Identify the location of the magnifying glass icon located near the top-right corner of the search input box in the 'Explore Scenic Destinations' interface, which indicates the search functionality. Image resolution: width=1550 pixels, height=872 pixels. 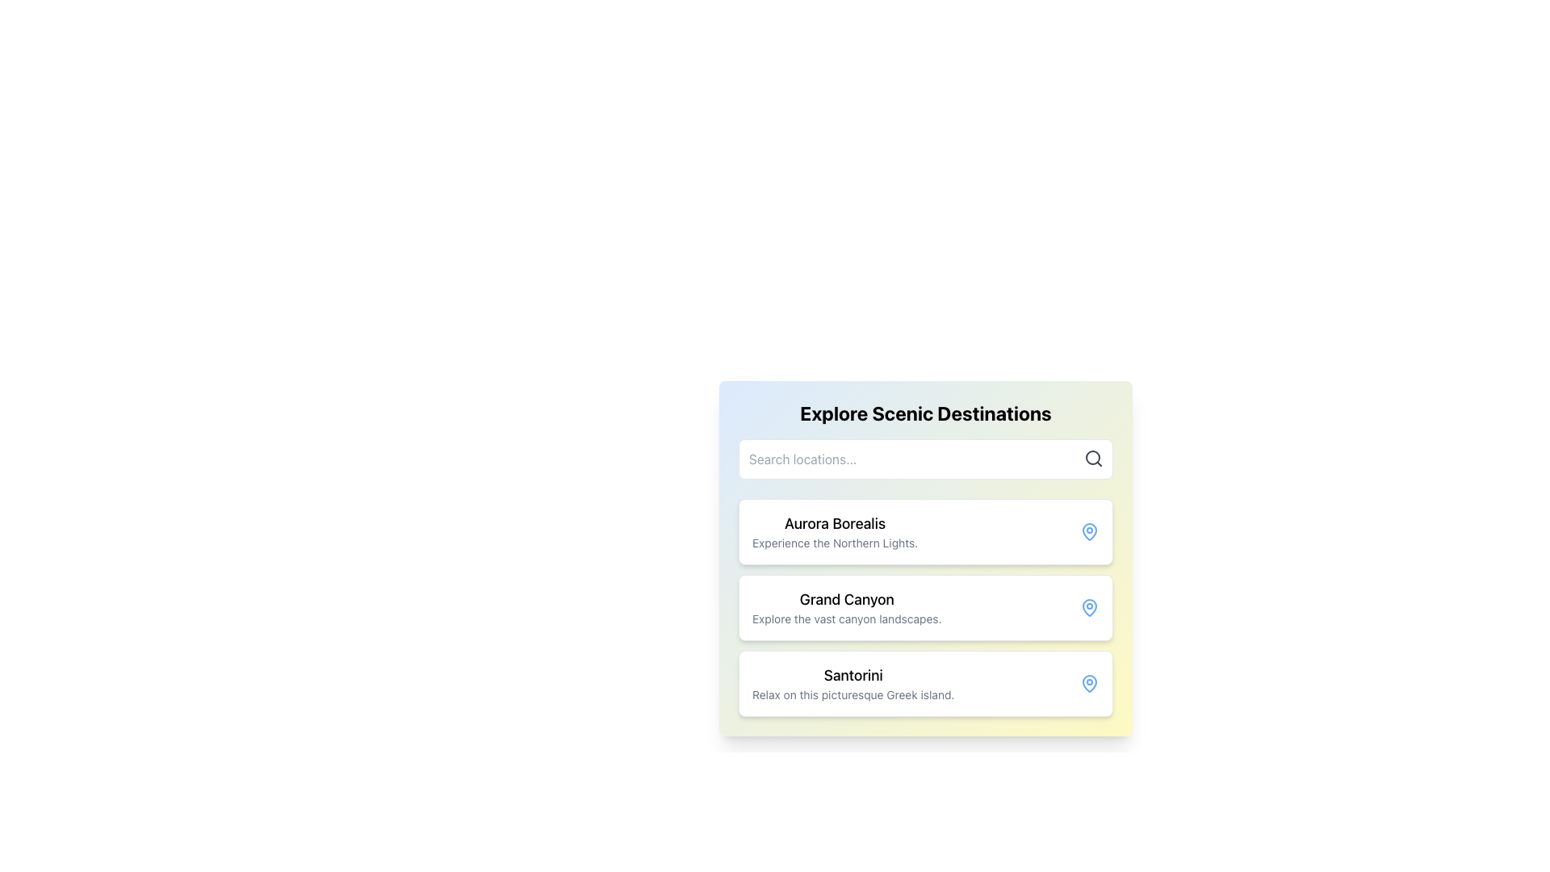
(1092, 458).